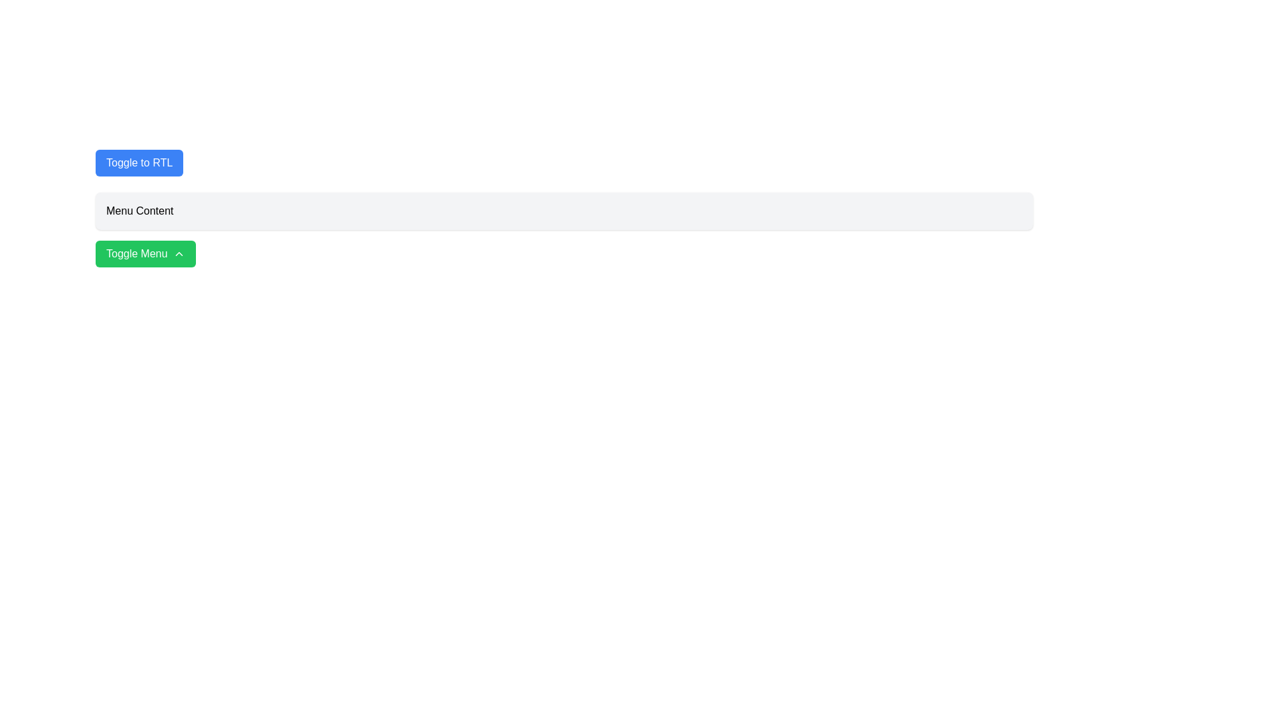 This screenshot has height=722, width=1284. What do you see at coordinates (178, 254) in the screenshot?
I see `the upward action icon located within the green 'Toggle Menu' button` at bounding box center [178, 254].